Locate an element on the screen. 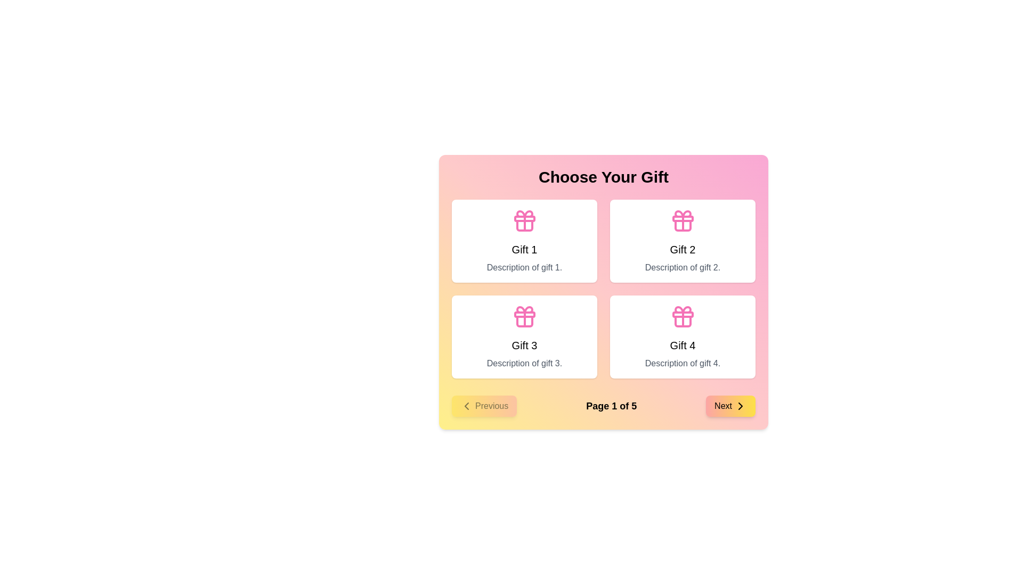 The image size is (1023, 575). Text Label element that contains the text 'Gift 2', which is styled with a larger font size and medium font weight, located in the top-right card of the grid layout under the section header 'Choose Your Gift' is located at coordinates (683, 250).